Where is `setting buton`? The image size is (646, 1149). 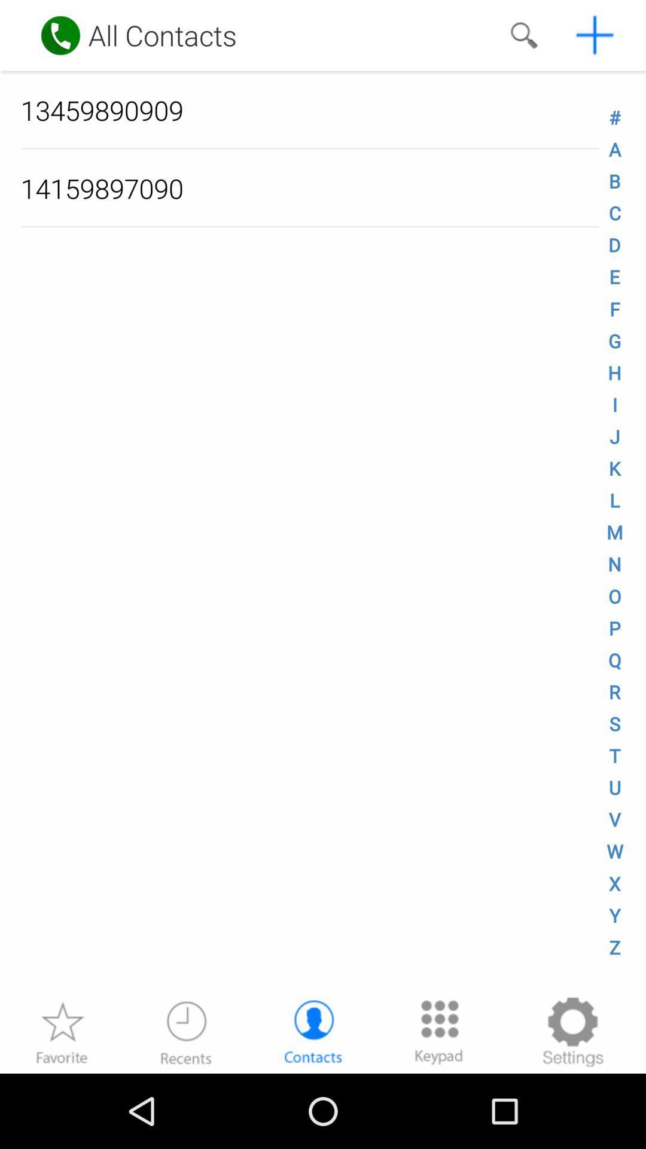 setting buton is located at coordinates (572, 1031).